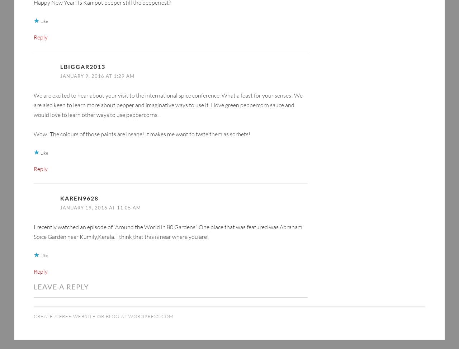 This screenshot has width=459, height=349. Describe the element at coordinates (104, 305) in the screenshot. I see `'Create a free website or blog at WordPress.com.'` at that location.